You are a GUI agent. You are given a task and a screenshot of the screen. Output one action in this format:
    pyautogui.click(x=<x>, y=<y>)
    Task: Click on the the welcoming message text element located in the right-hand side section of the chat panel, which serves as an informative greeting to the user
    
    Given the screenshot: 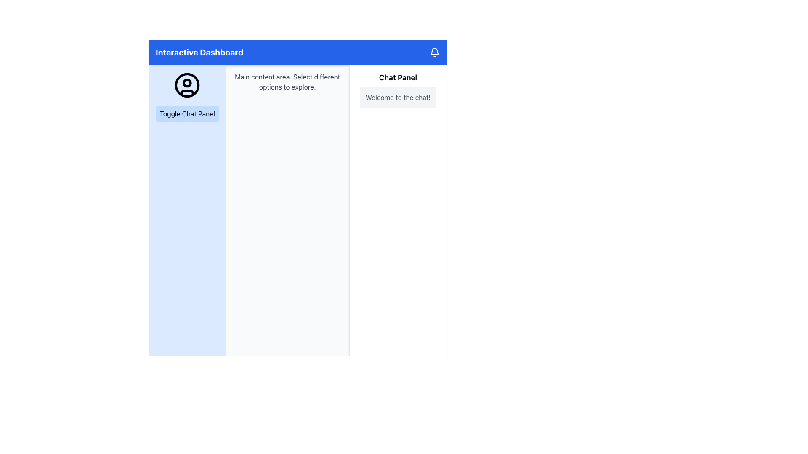 What is the action you would take?
    pyautogui.click(x=397, y=97)
    